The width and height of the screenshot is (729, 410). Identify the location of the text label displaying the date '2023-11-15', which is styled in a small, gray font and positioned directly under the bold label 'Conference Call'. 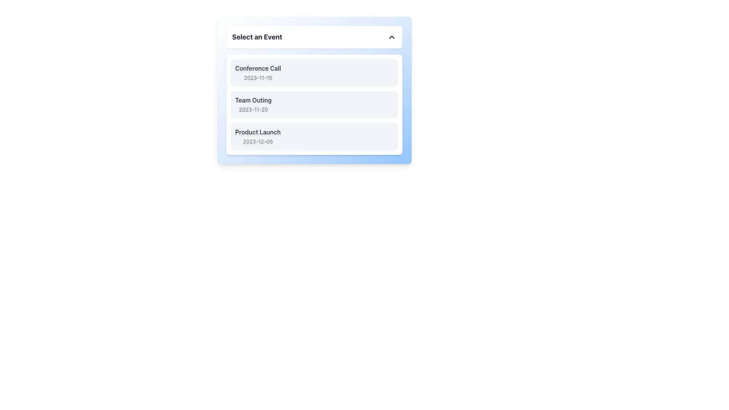
(258, 77).